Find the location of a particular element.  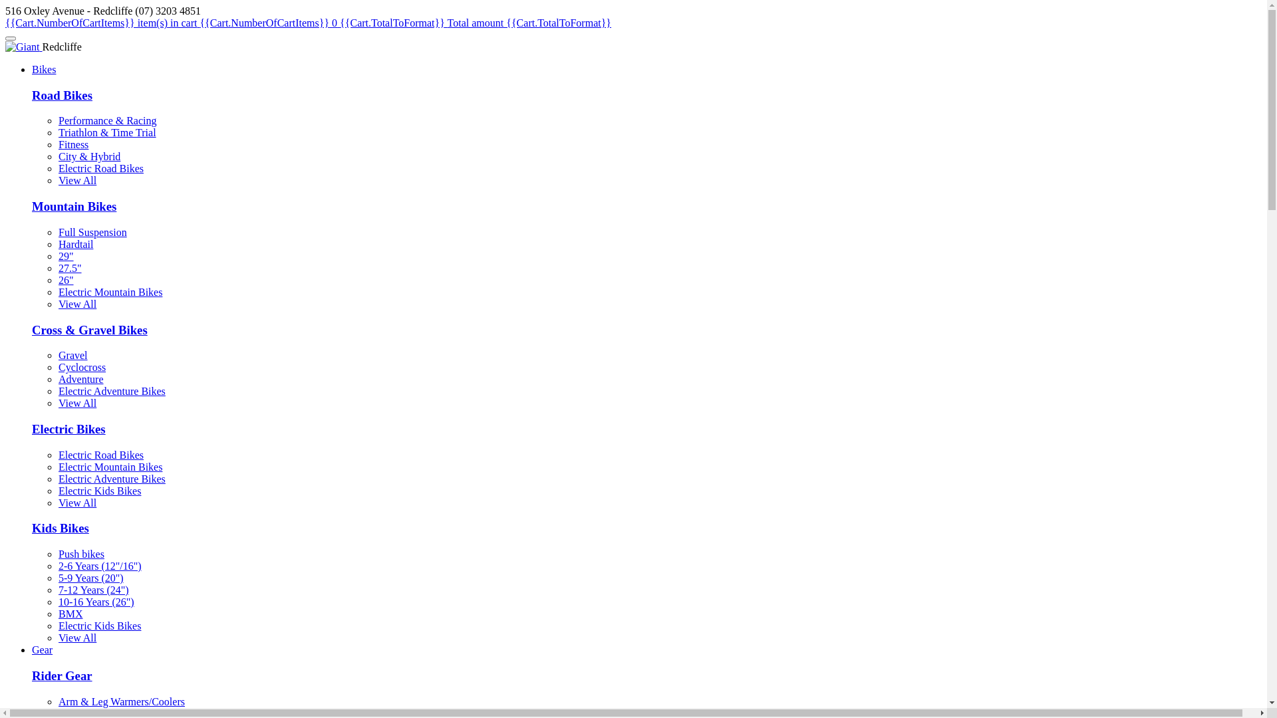

'BMX' is located at coordinates (69, 614).